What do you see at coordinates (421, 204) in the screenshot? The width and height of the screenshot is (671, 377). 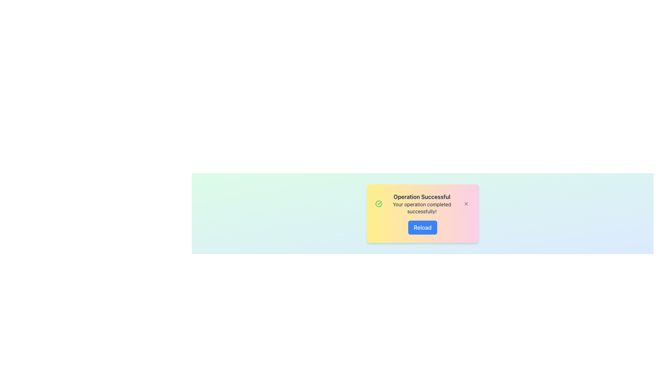 I see `the informational message box that indicates successful completion of an operation, centrally located below a green check icon and above a blue 'Reload' button` at bounding box center [421, 204].